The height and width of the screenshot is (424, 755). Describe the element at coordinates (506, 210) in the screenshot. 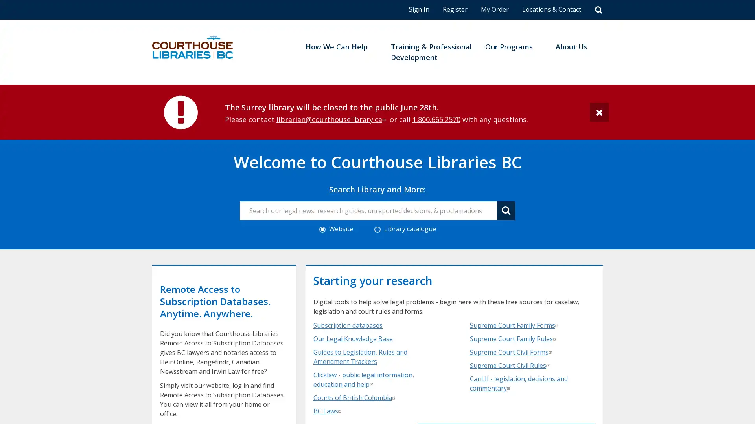

I see `Search button` at that location.